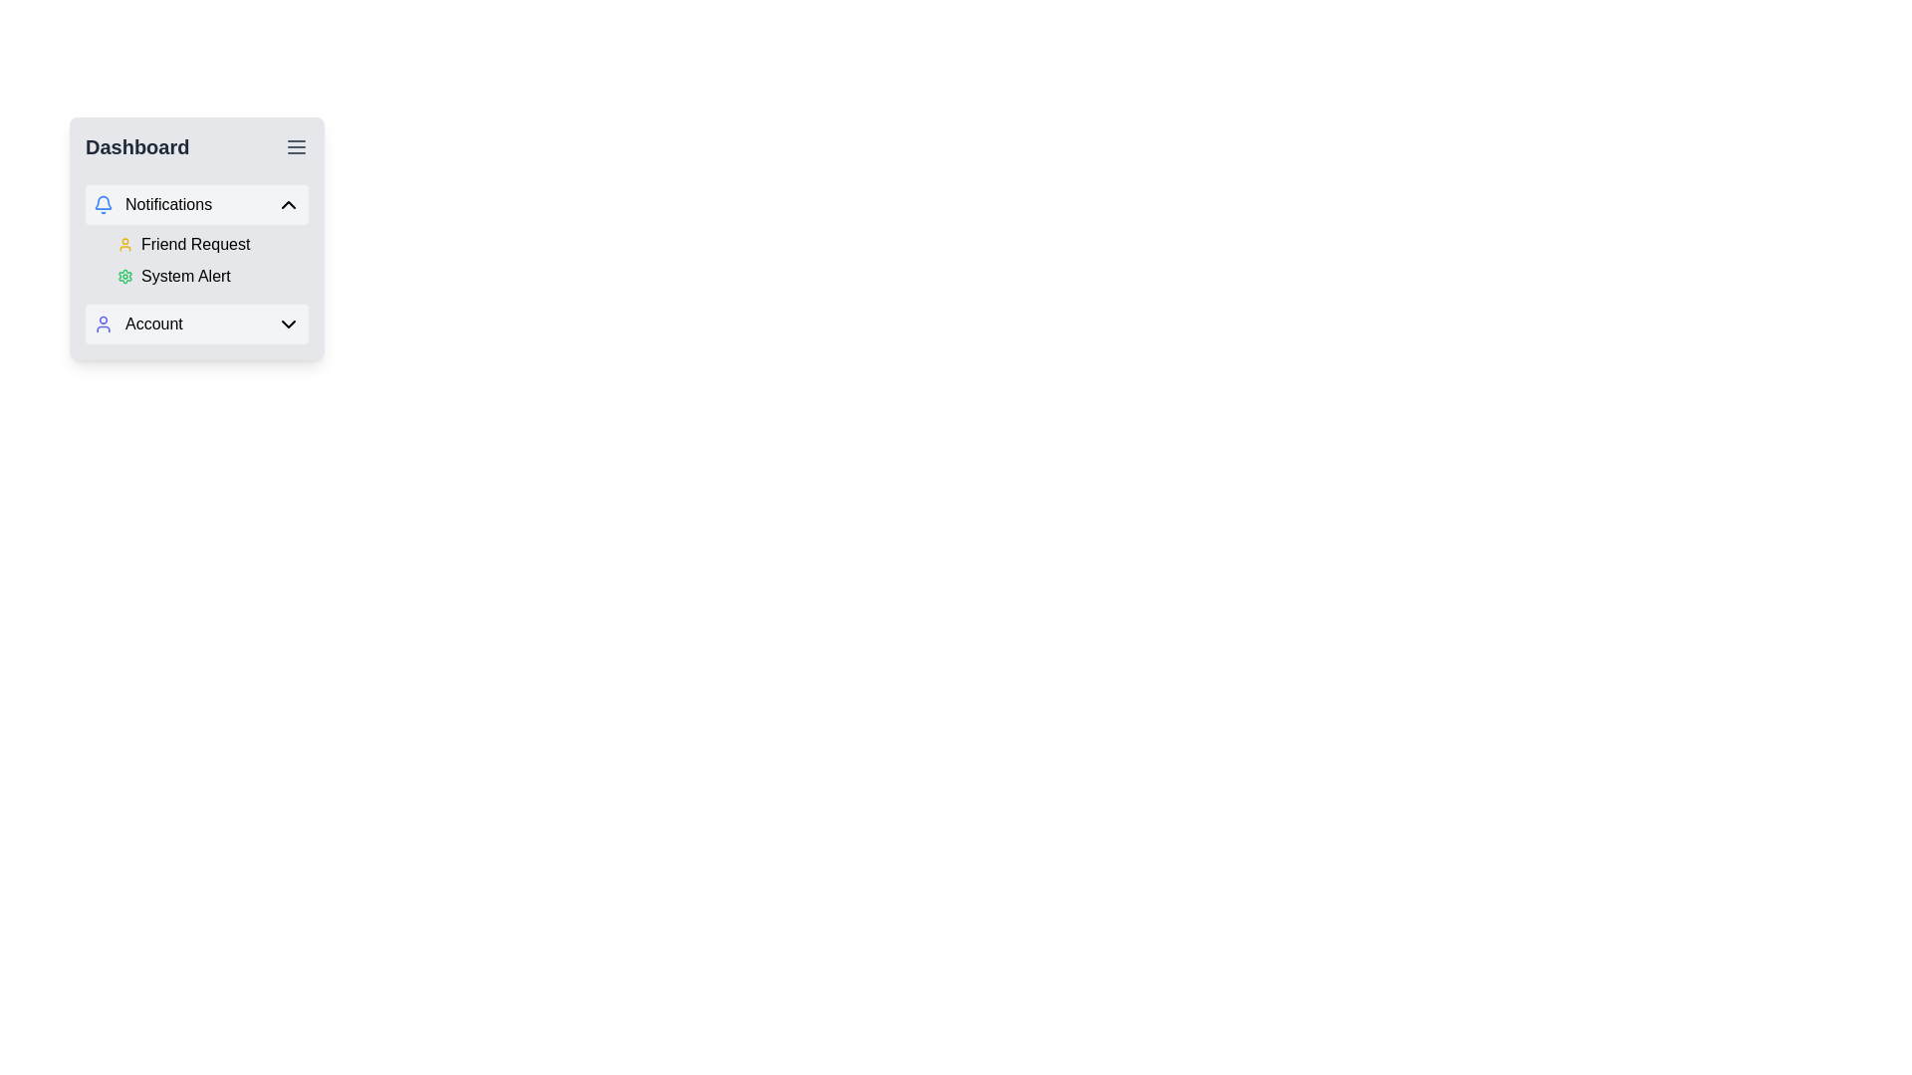 The image size is (1912, 1075). Describe the element at coordinates (103, 323) in the screenshot. I see `the user icon, which is a minimalist blue circular head and semi-circular body, located to the left of the 'Account' label in the UI` at that location.